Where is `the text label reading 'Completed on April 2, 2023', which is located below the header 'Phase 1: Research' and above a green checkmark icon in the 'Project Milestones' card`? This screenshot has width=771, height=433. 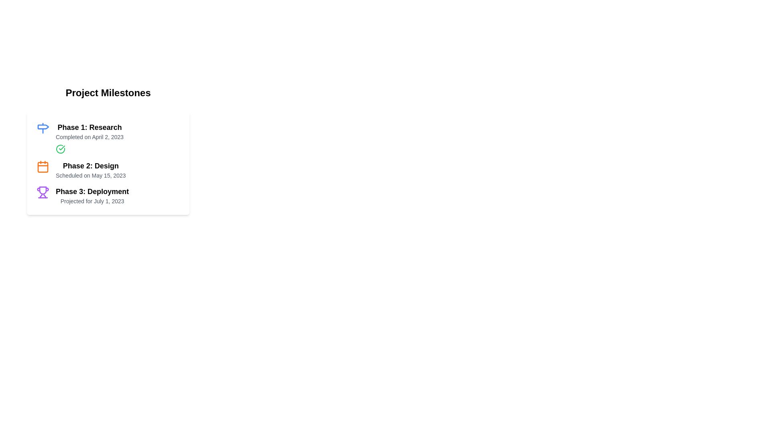 the text label reading 'Completed on April 2, 2023', which is located below the header 'Phase 1: Research' and above a green checkmark icon in the 'Project Milestones' card is located at coordinates (90, 137).